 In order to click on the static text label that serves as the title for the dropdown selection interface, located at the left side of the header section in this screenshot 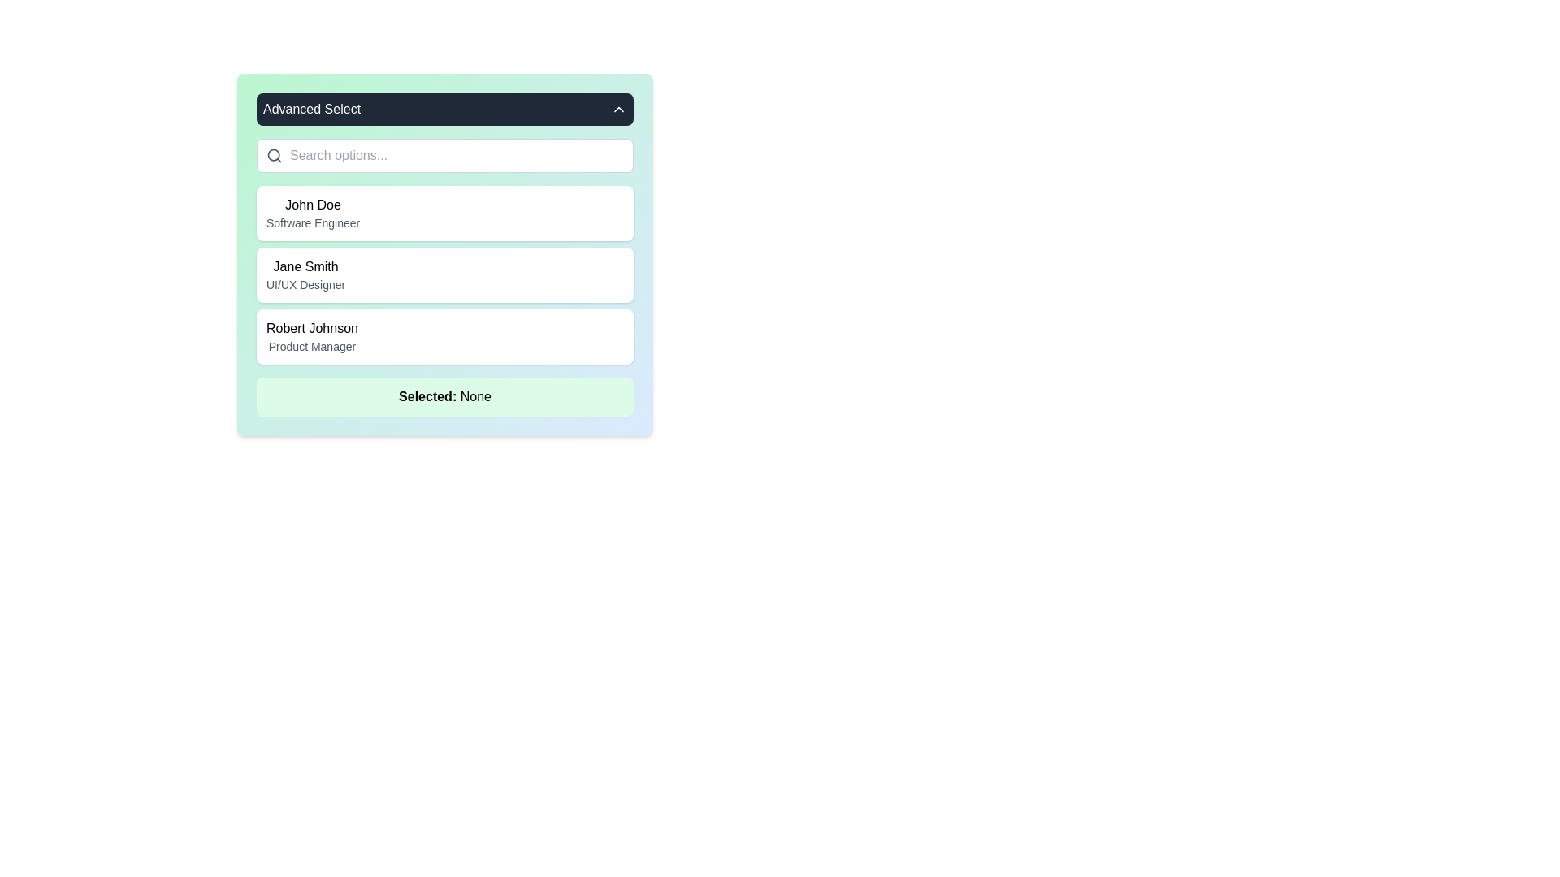, I will do `click(312, 110)`.